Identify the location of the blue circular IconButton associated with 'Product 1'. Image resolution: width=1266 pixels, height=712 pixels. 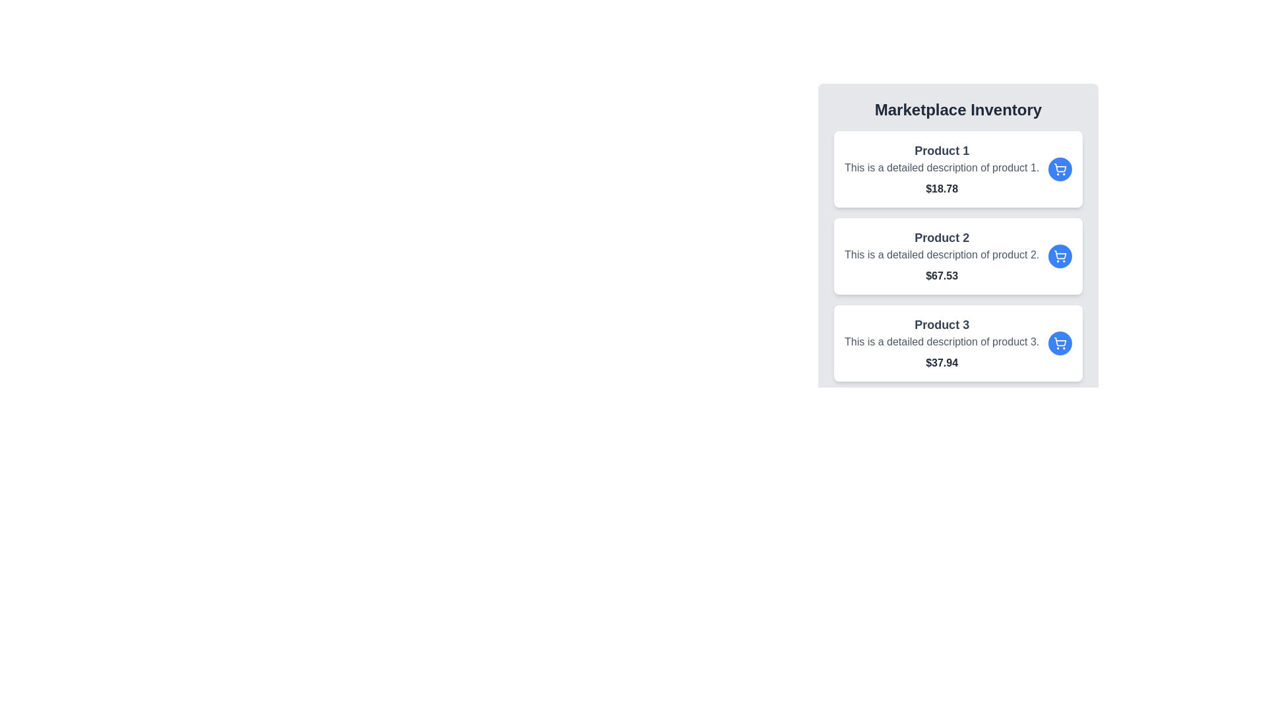
(1060, 169).